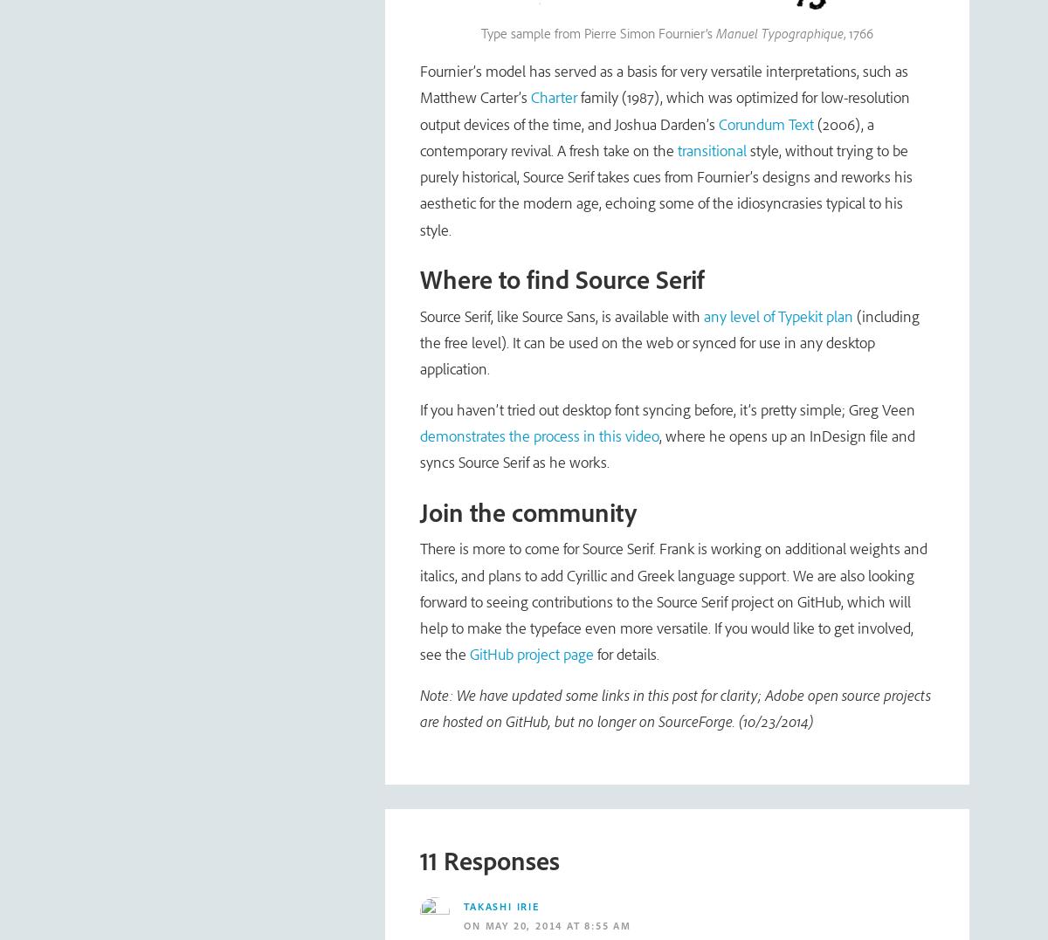 This screenshot has height=940, width=1048. I want to click on 'Charter', so click(554, 96).